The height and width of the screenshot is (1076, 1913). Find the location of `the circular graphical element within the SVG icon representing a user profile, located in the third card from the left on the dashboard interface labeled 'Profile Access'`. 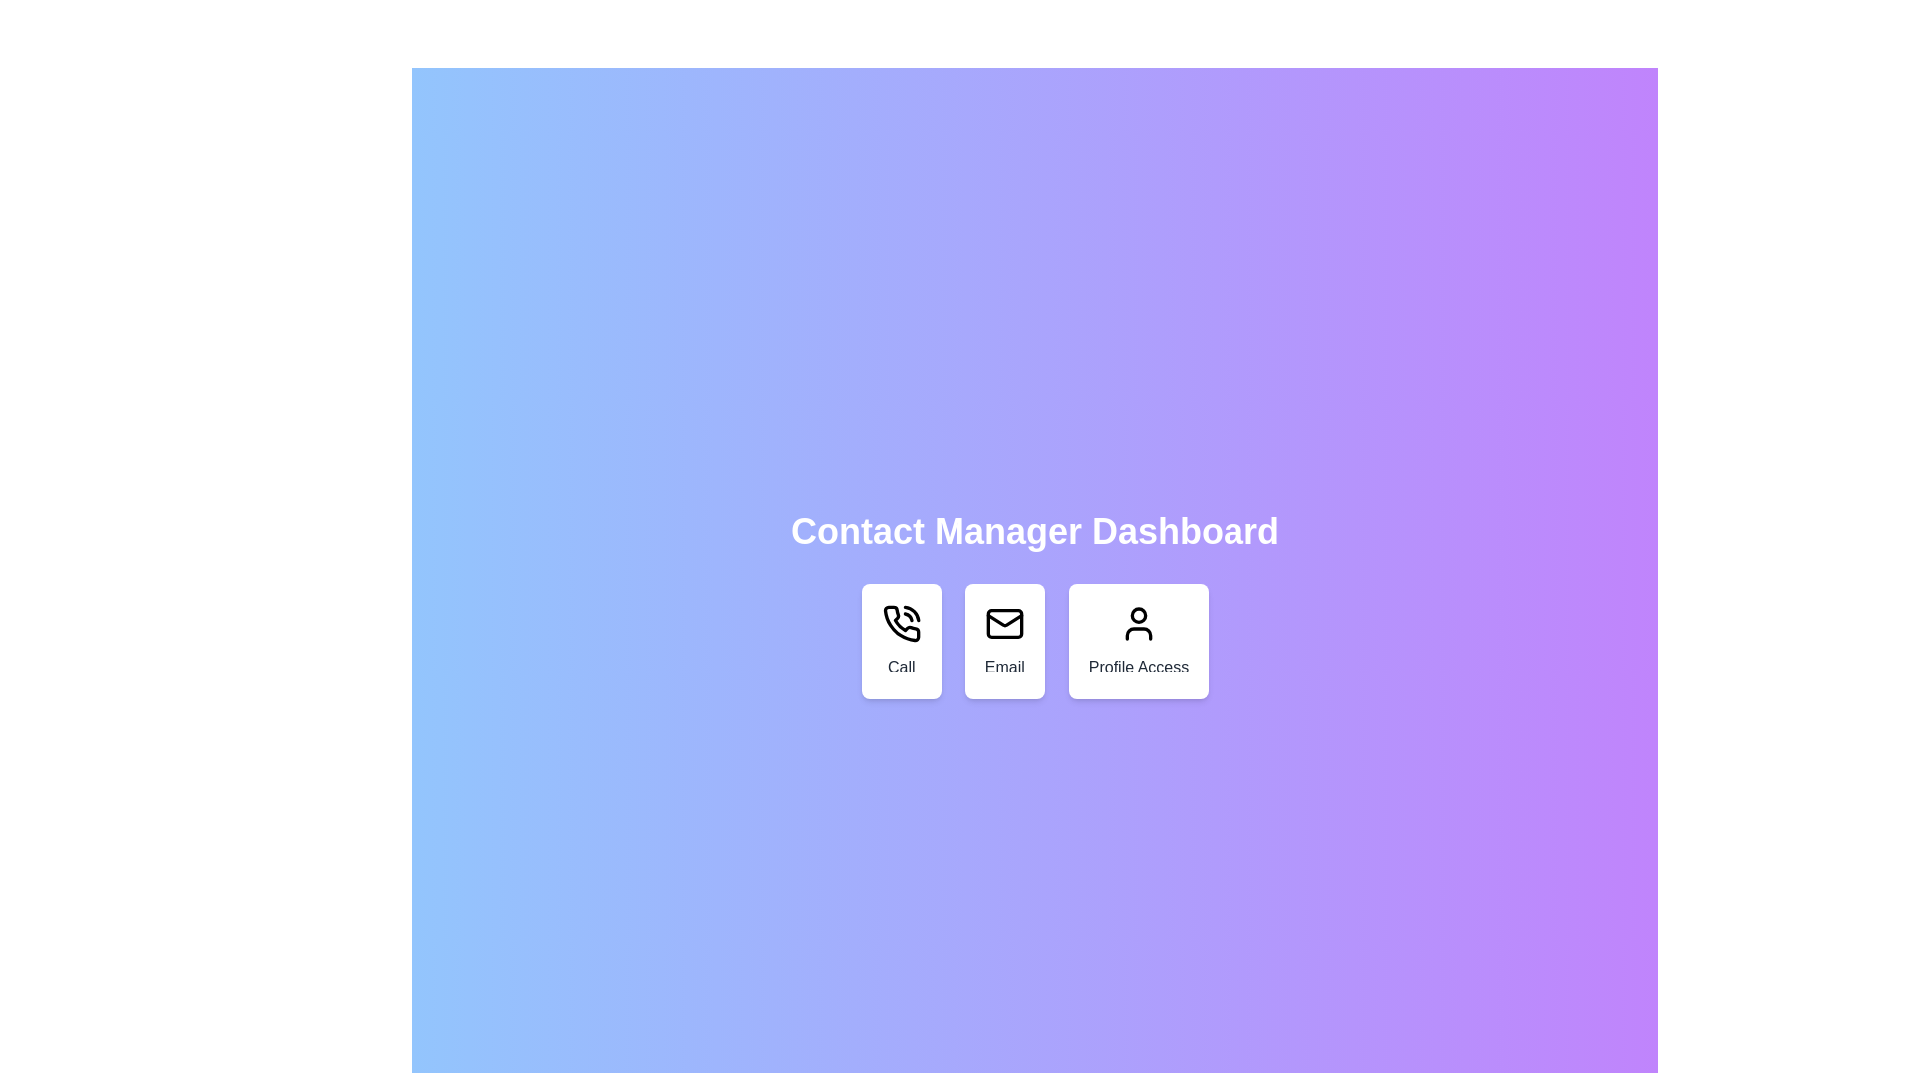

the circular graphical element within the SVG icon representing a user profile, located in the third card from the left on the dashboard interface labeled 'Profile Access' is located at coordinates (1138, 614).